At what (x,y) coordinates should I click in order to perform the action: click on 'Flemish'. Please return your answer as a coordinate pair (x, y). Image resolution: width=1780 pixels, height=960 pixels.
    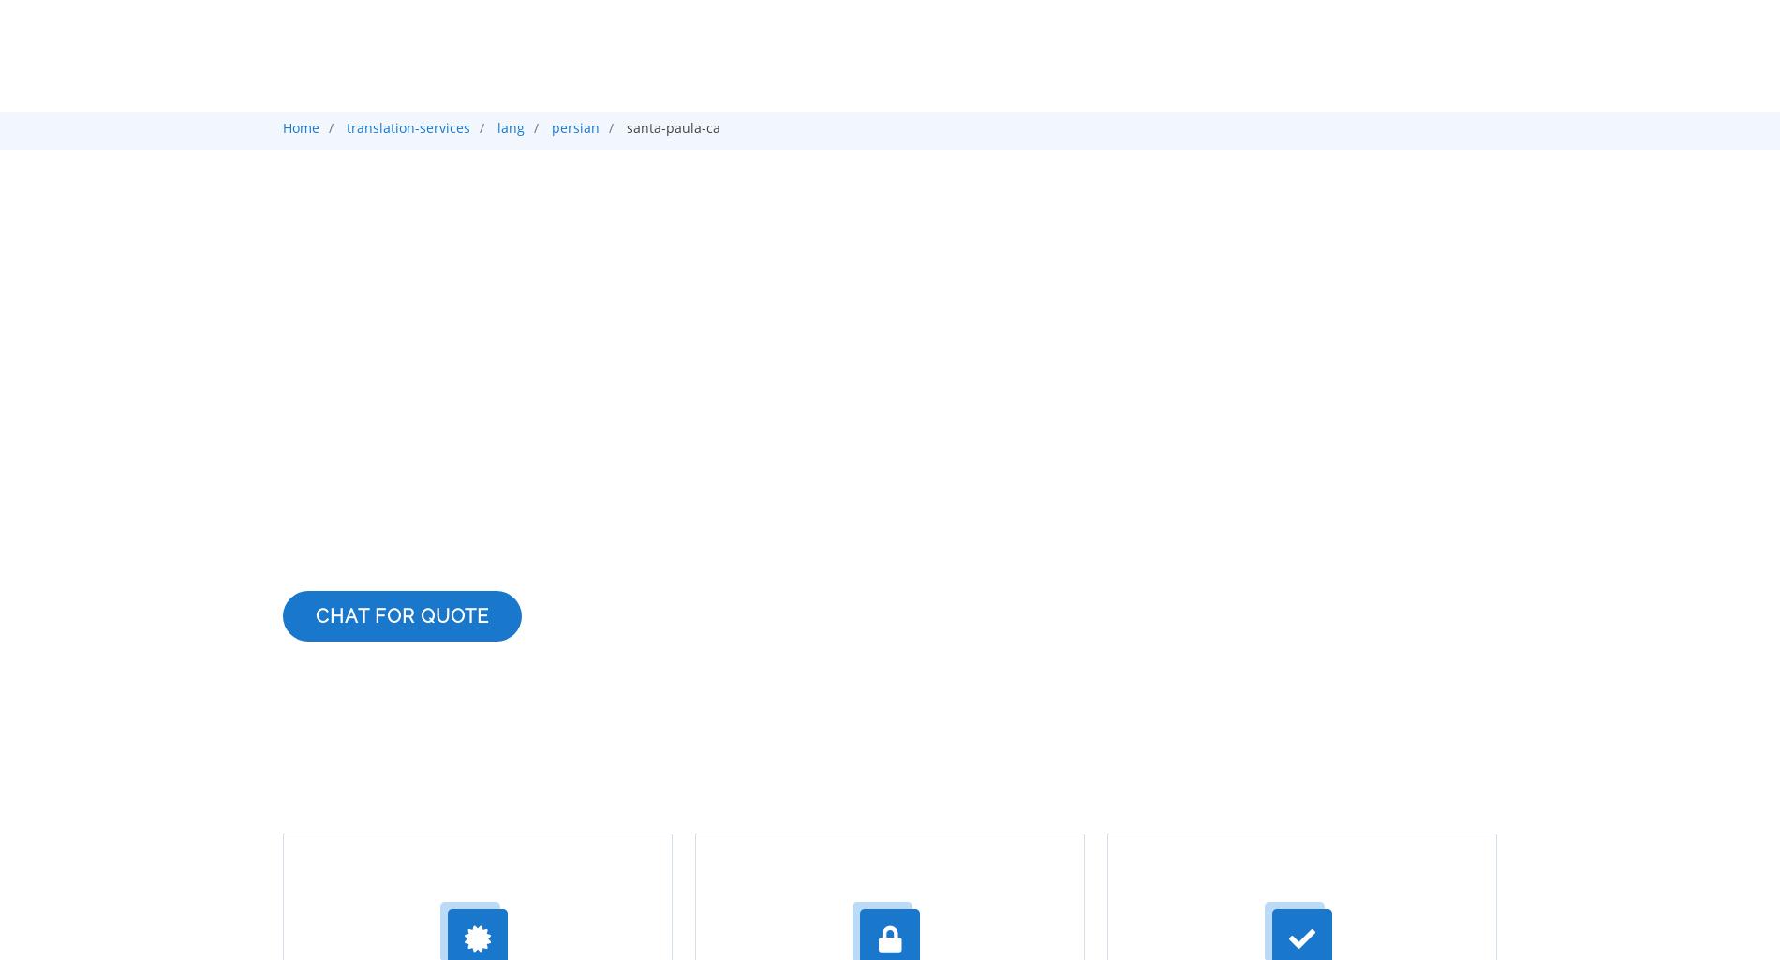
    Looking at the image, I should click on (405, 690).